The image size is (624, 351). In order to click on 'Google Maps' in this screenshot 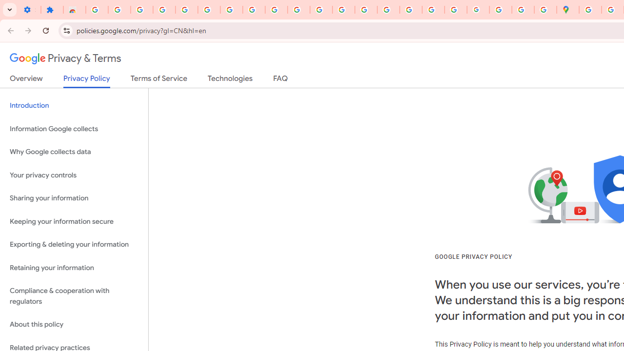, I will do `click(567, 10)`.